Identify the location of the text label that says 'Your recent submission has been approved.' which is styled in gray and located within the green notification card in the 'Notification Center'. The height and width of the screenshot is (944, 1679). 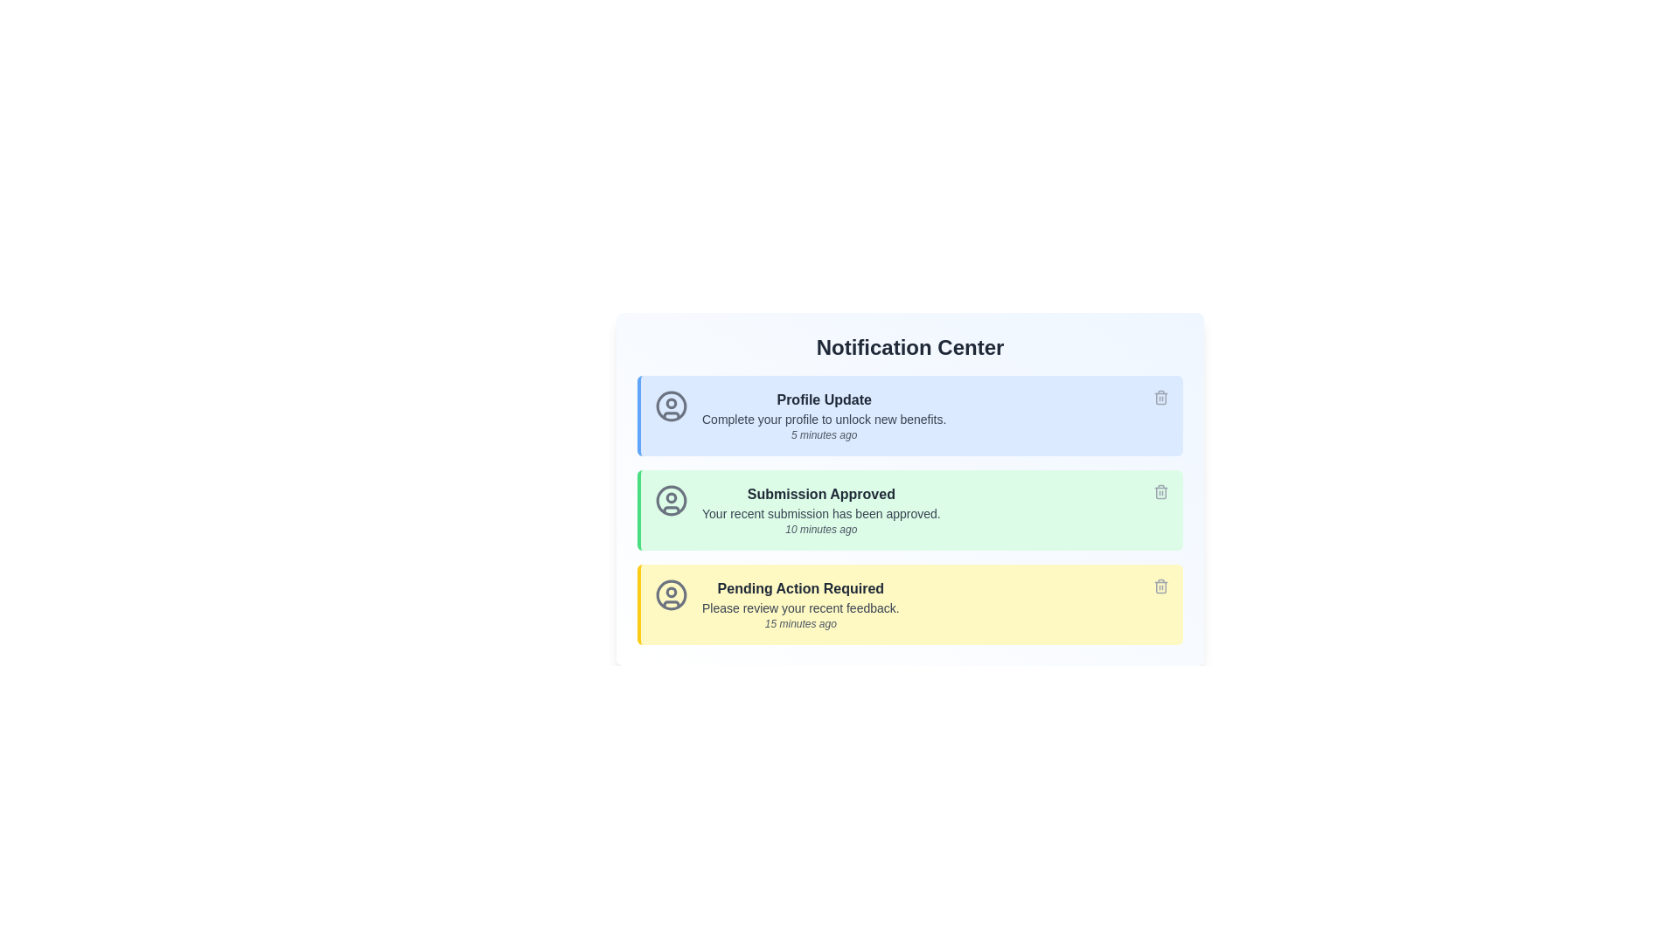
(820, 512).